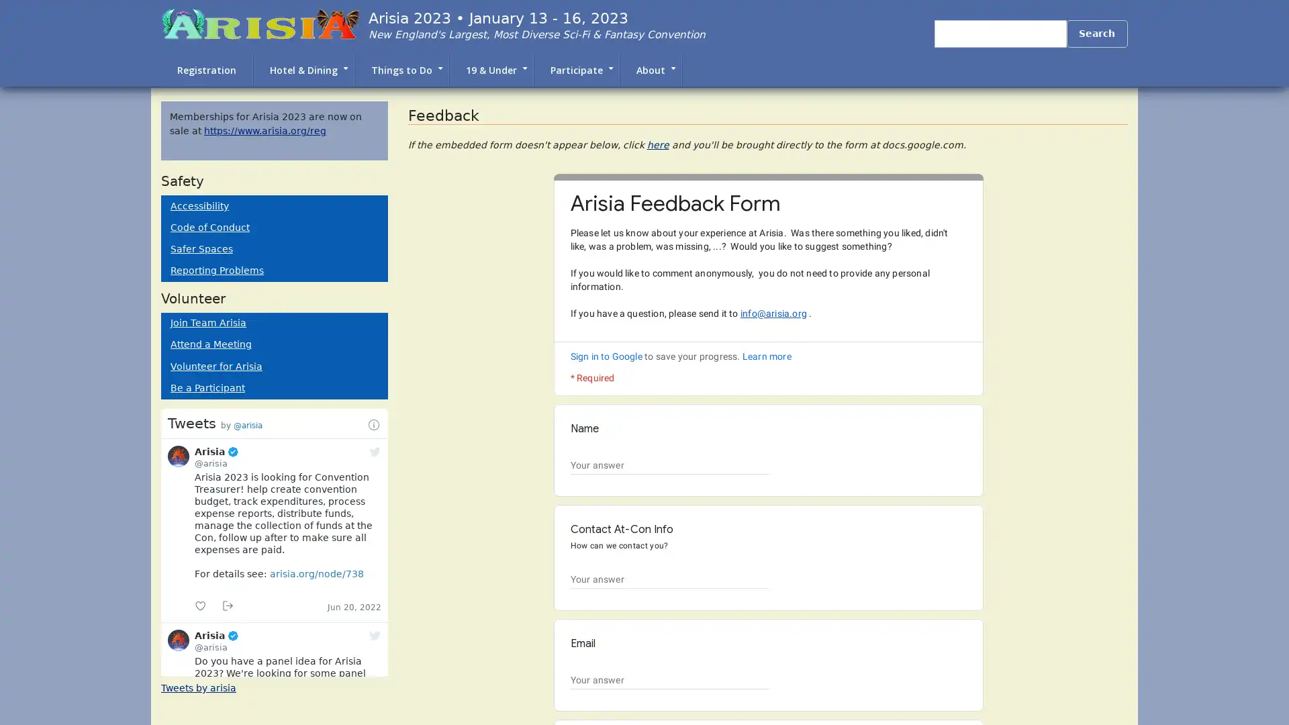 The width and height of the screenshot is (1289, 725). Describe the element at coordinates (1096, 33) in the screenshot. I see `Search` at that location.